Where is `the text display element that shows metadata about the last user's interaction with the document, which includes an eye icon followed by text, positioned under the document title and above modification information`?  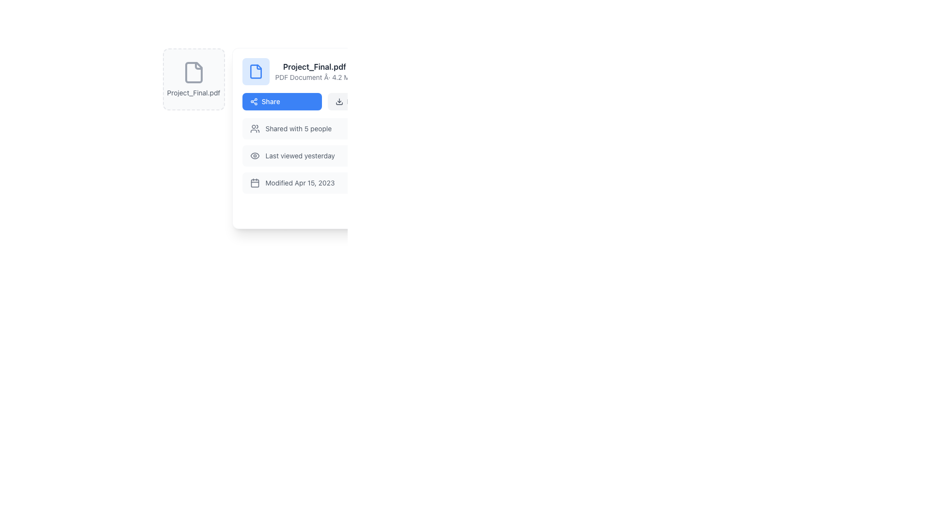 the text display element that shows metadata about the last user's interaction with the document, which includes an eye icon followed by text, positioned under the document title and above modification information is located at coordinates (292, 155).